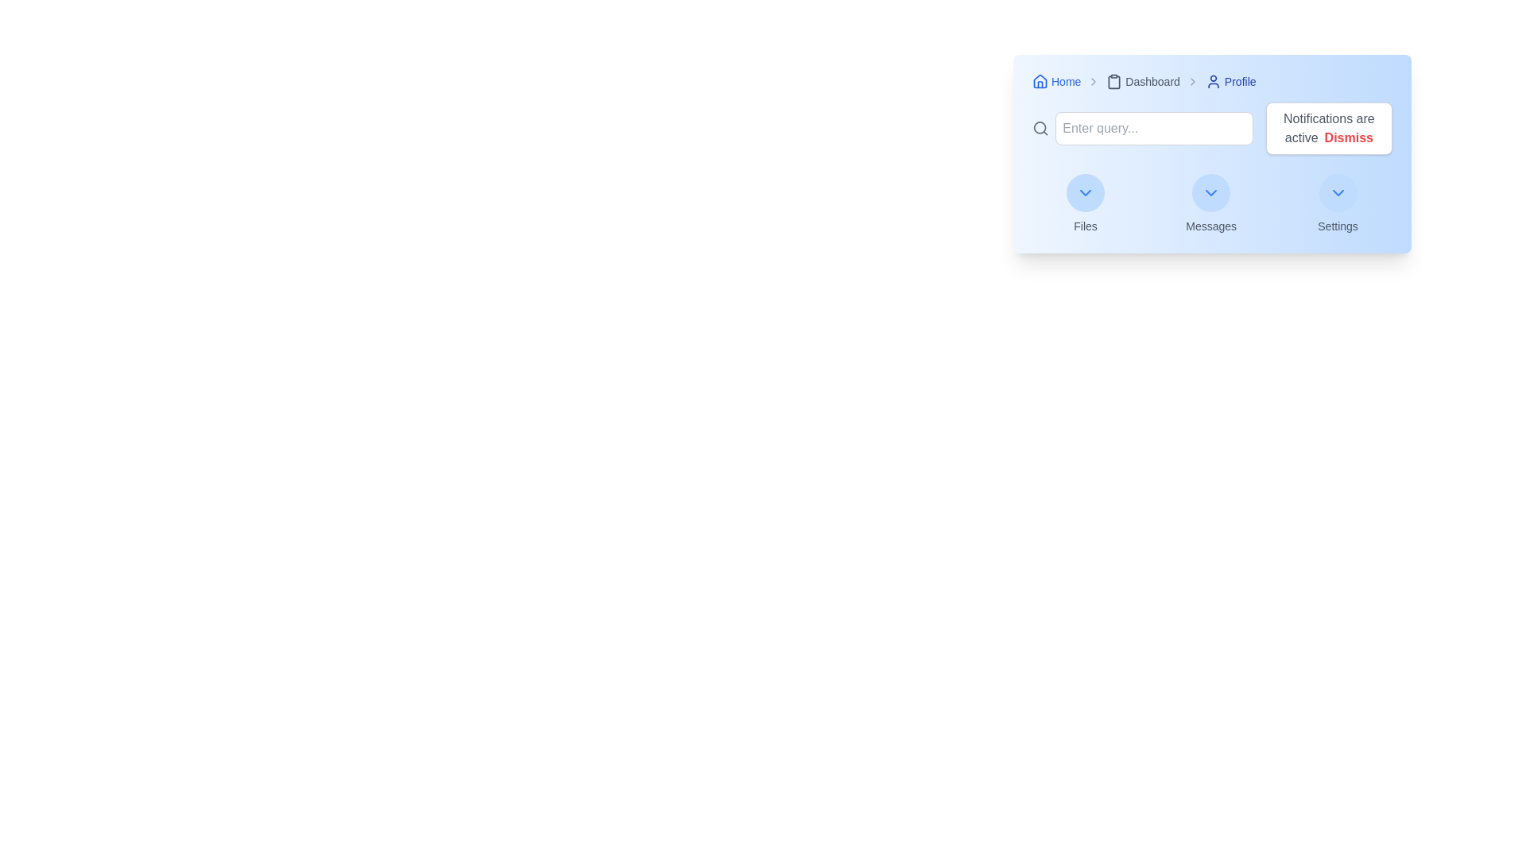  What do you see at coordinates (1056, 82) in the screenshot?
I see `the blue house icon followed by the text 'Home' in the breadcrumb navigation bar` at bounding box center [1056, 82].